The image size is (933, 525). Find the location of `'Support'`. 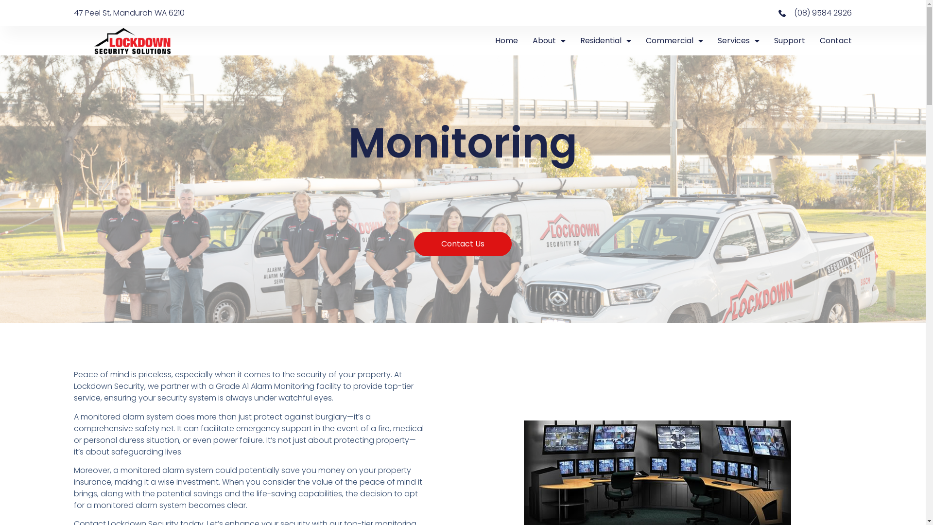

'Support' is located at coordinates (790, 40).